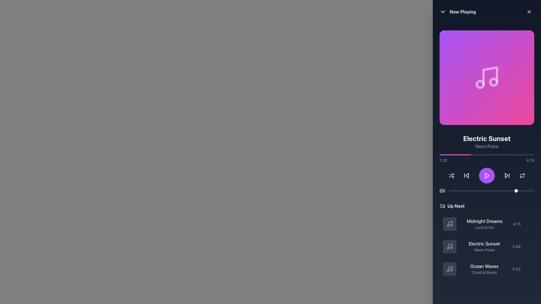 This screenshot has height=304, width=541. What do you see at coordinates (529, 12) in the screenshot?
I see `the close button, which is a graphical icon shaped like an 'X' located at the top-right corner of the interface` at bounding box center [529, 12].